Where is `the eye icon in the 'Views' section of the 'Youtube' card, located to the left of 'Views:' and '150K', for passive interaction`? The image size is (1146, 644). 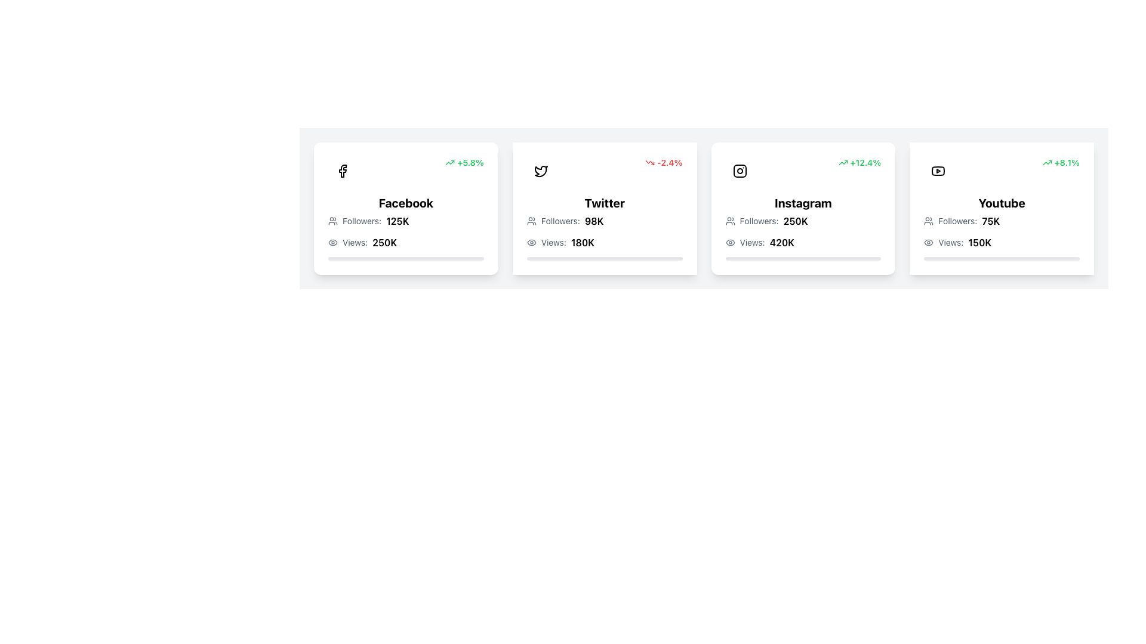
the eye icon in the 'Views' section of the 'Youtube' card, located to the left of 'Views:' and '150K', for passive interaction is located at coordinates (928, 242).